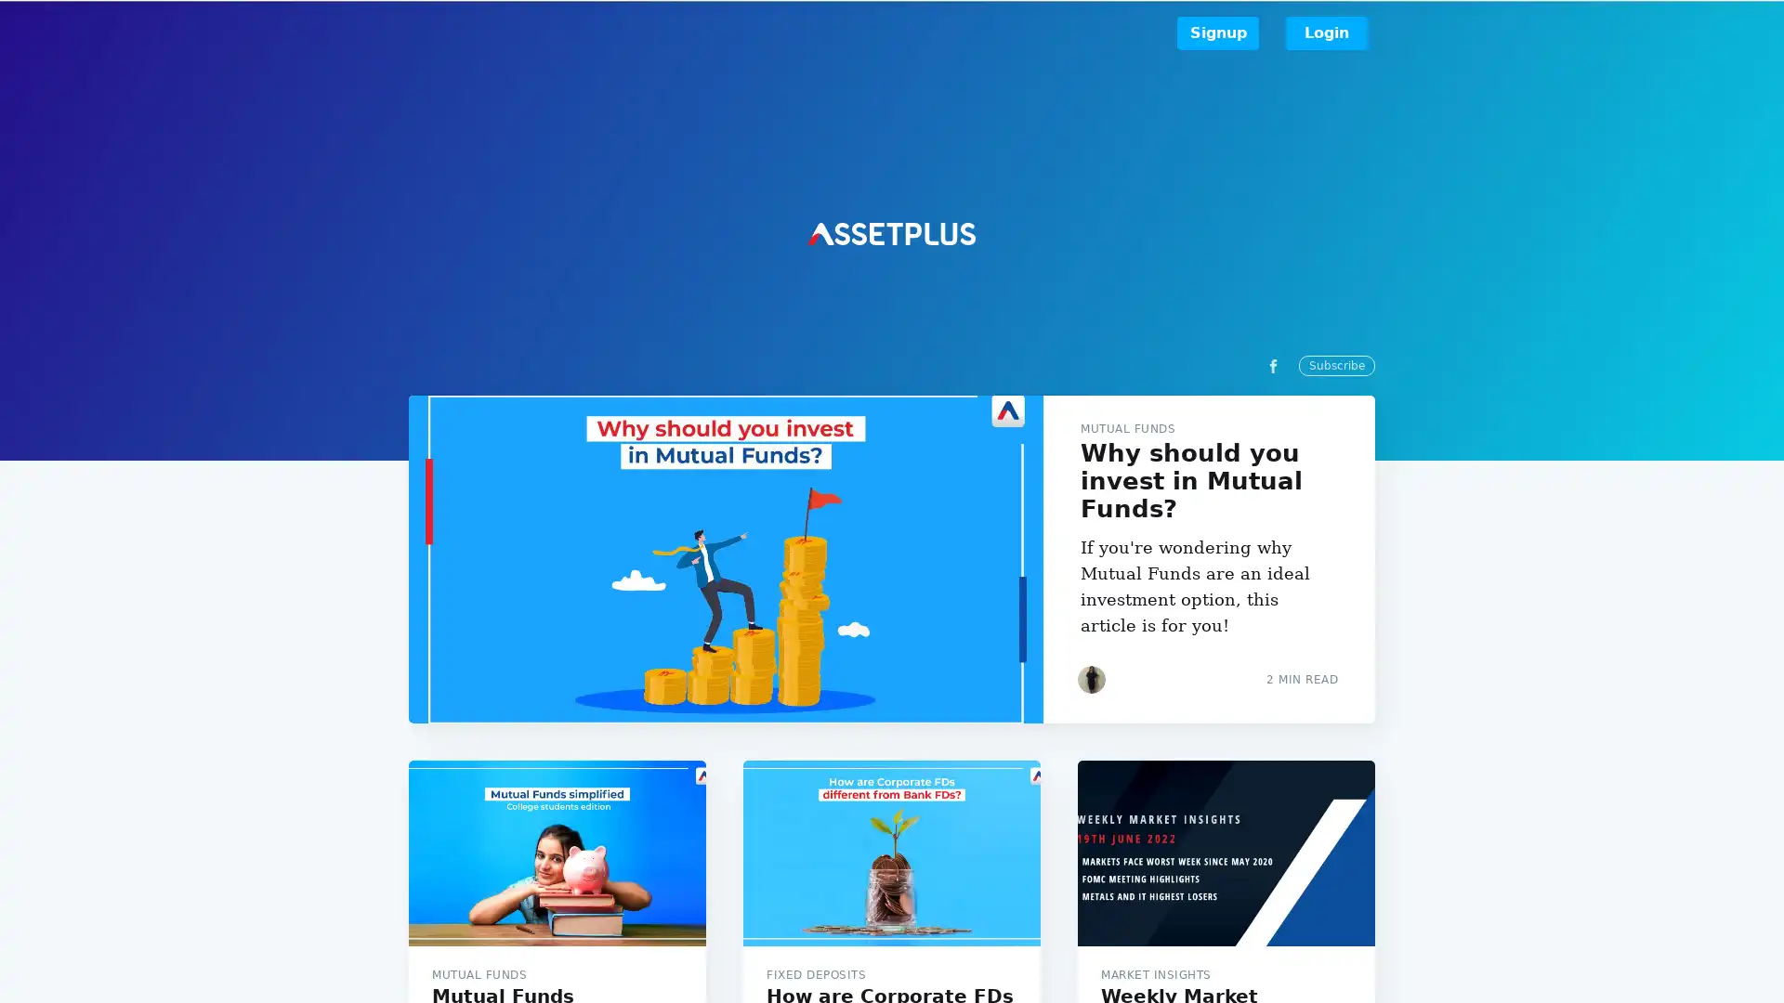 The width and height of the screenshot is (1784, 1003). What do you see at coordinates (1061, 569) in the screenshot?
I see `Subscribe` at bounding box center [1061, 569].